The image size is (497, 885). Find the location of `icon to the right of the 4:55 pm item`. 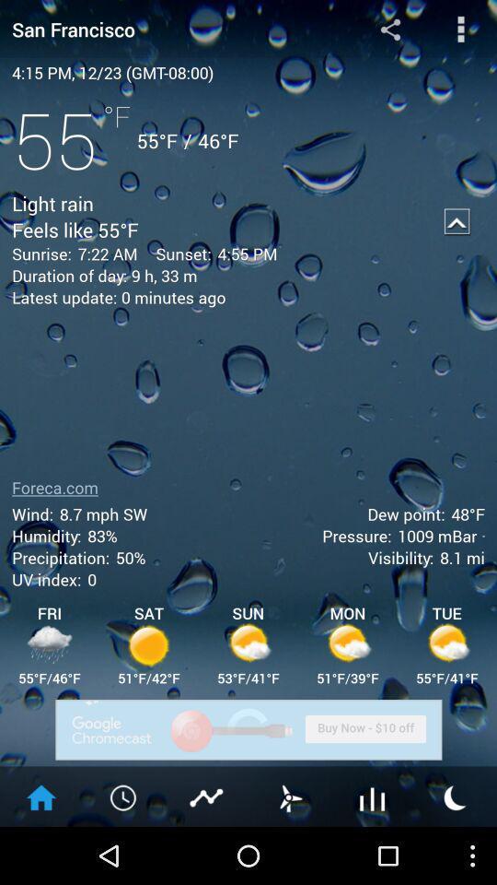

icon to the right of the 4:55 pm item is located at coordinates (457, 221).